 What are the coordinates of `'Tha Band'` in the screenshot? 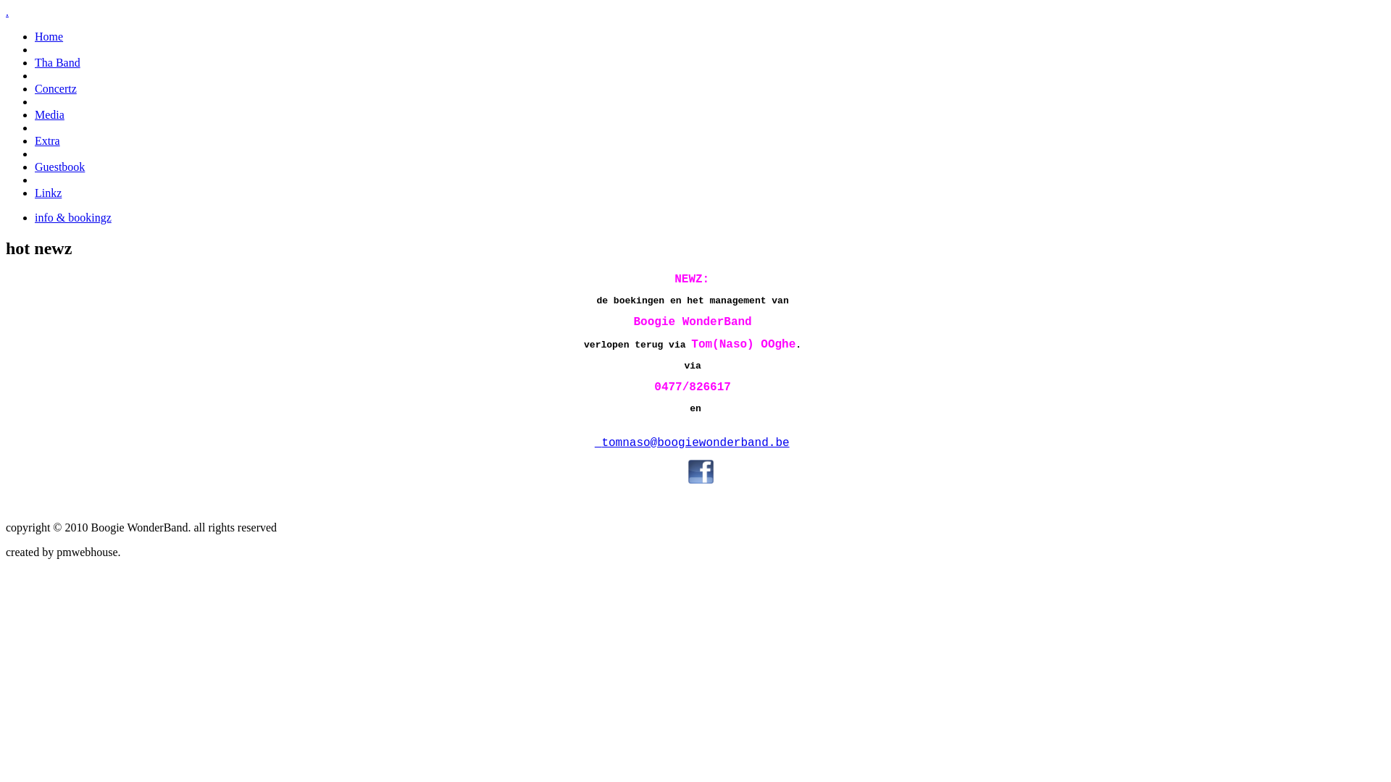 It's located at (57, 62).